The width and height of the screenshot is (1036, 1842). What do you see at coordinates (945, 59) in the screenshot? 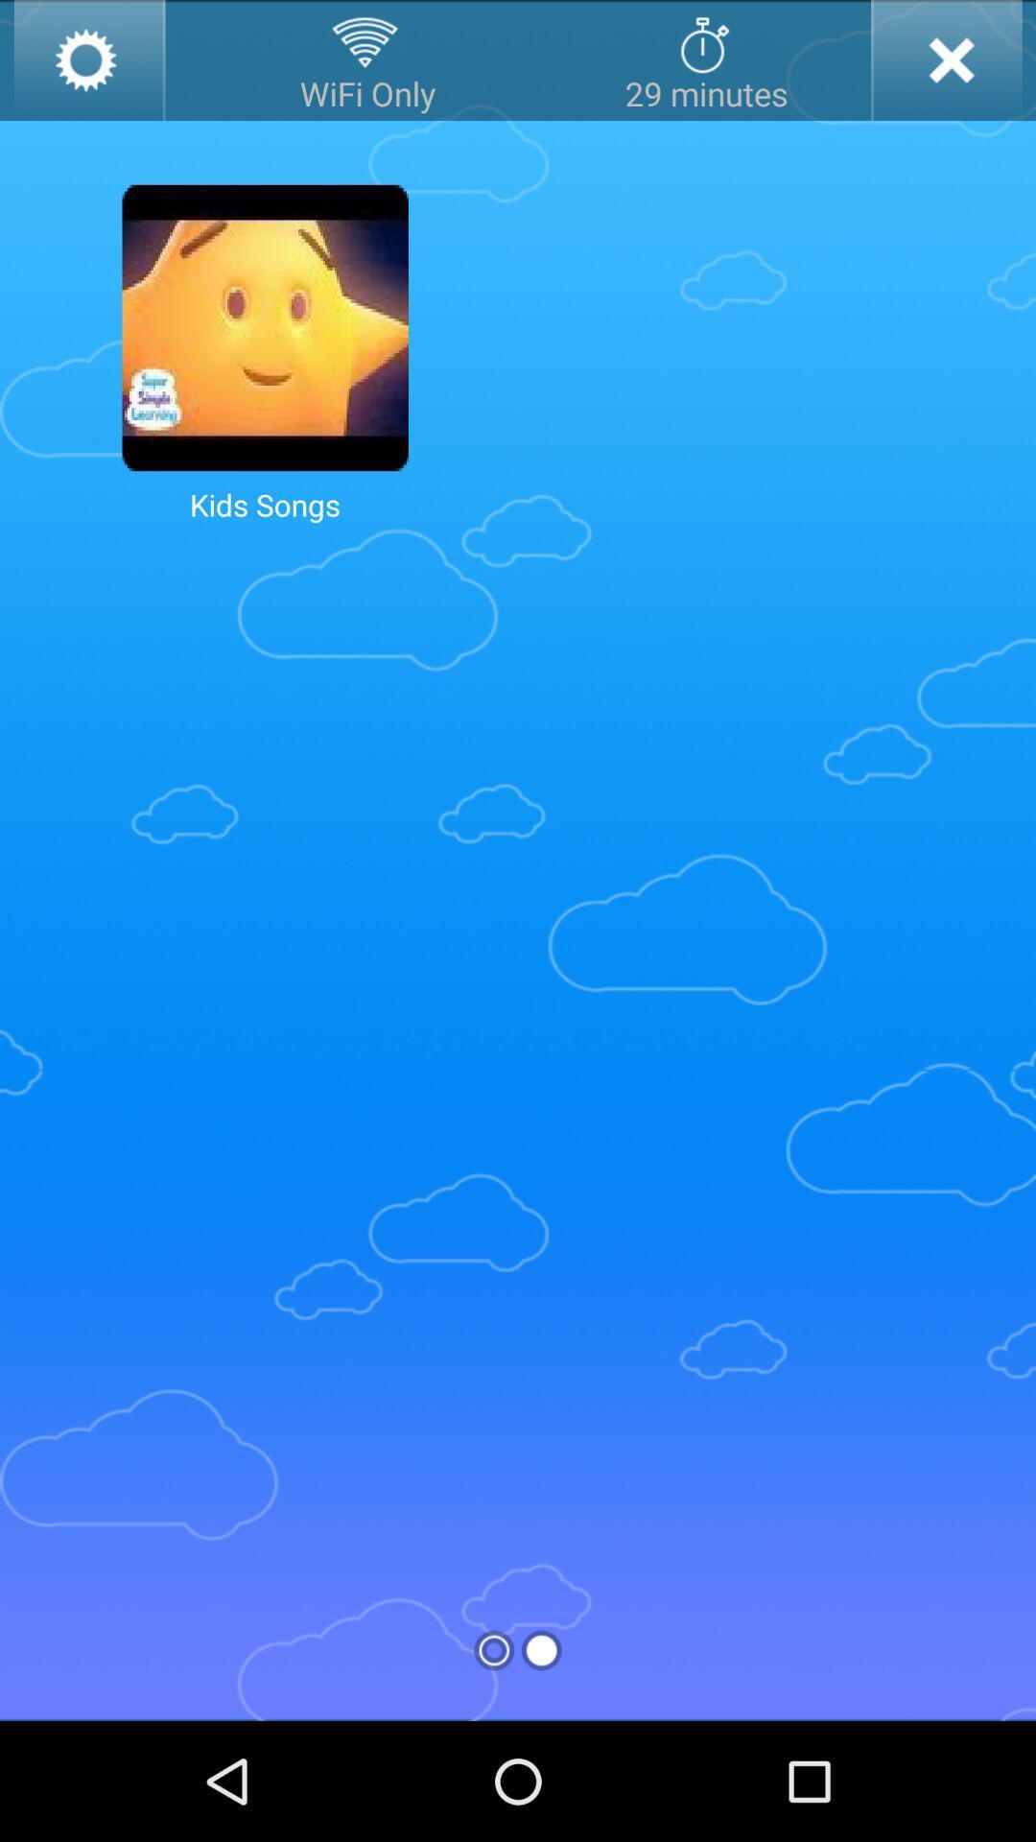
I see `close` at bounding box center [945, 59].